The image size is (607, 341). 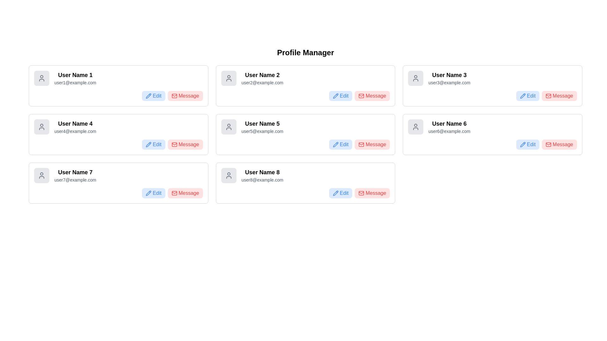 I want to click on the 'Edit' button icon for User Name 6 located in the bottom right corner of the profile card, so click(x=522, y=144).